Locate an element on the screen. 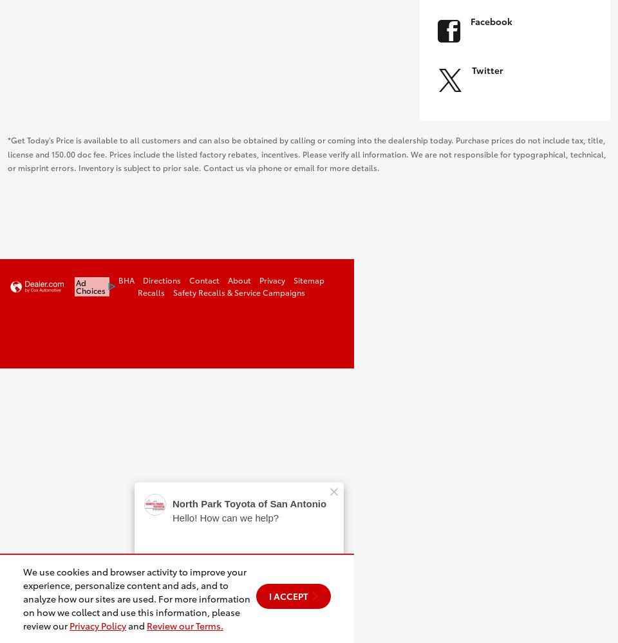 This screenshot has height=643, width=618. 'Twitter' is located at coordinates (486, 69).